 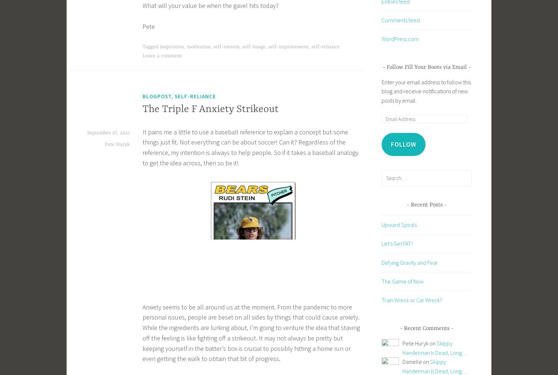 What do you see at coordinates (402, 281) in the screenshot?
I see `'The Game of Now'` at bounding box center [402, 281].